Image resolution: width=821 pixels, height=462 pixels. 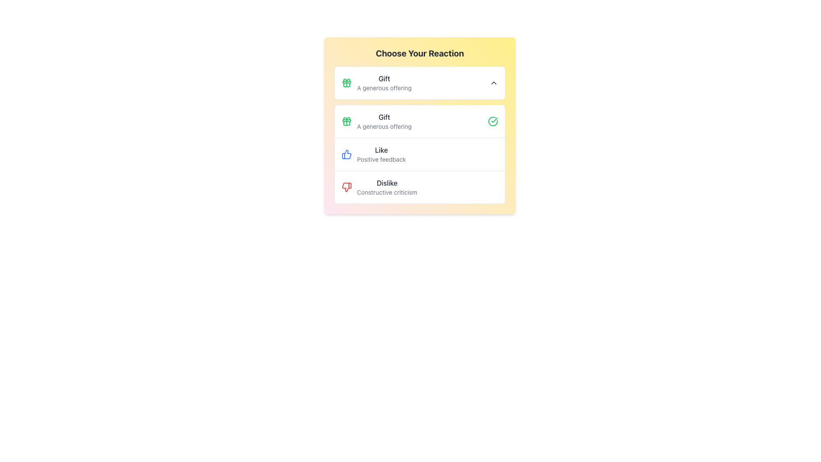 I want to click on the 'Gift' icon located to the left of the label 'Gift A generous offering' in the second choice of the 'Choose Your Reaction' UI, so click(x=347, y=121).